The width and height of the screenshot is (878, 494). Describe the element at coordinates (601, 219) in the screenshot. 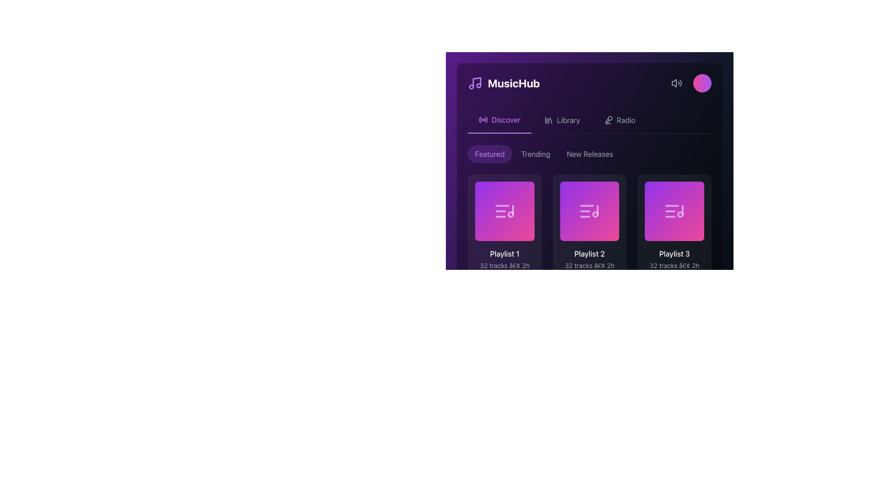

I see `the decorative SVG circle within the 'Playlist 2' card, which is part of the graphic associated with that card` at that location.